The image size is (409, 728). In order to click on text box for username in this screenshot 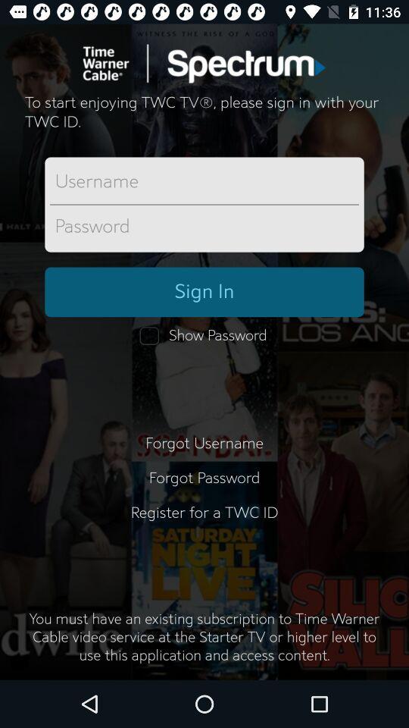, I will do `click(204, 182)`.